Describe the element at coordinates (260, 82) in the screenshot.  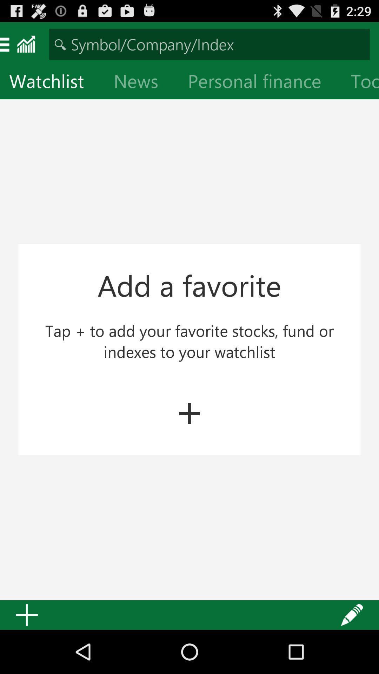
I see `the icon to the left of the tools item` at that location.